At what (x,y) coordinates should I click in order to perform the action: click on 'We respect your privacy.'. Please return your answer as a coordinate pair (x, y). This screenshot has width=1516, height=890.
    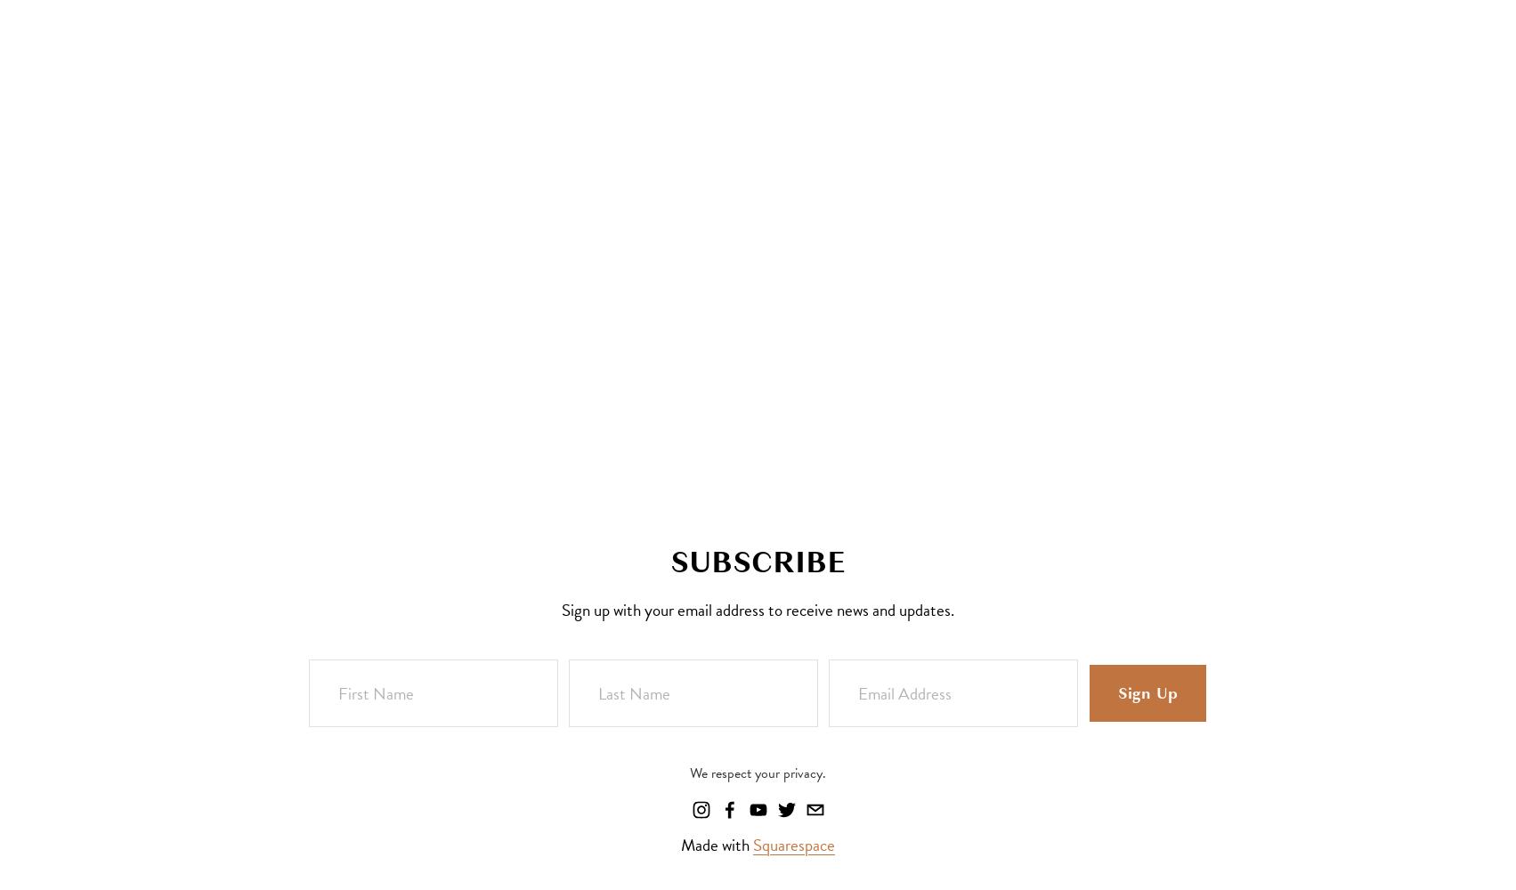
    Looking at the image, I should click on (758, 773).